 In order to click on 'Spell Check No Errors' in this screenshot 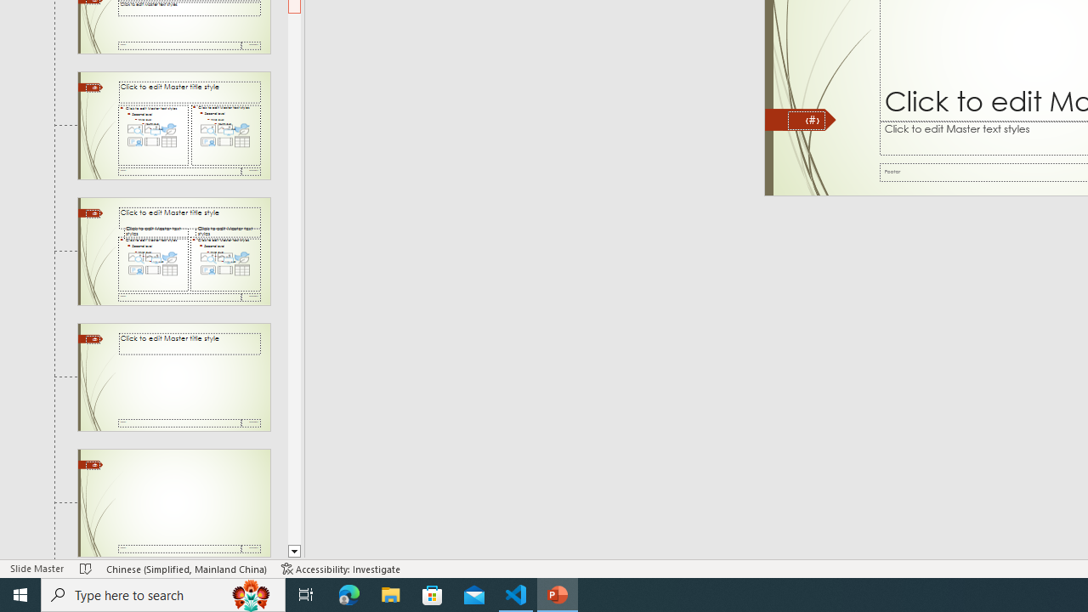, I will do `click(85, 569)`.